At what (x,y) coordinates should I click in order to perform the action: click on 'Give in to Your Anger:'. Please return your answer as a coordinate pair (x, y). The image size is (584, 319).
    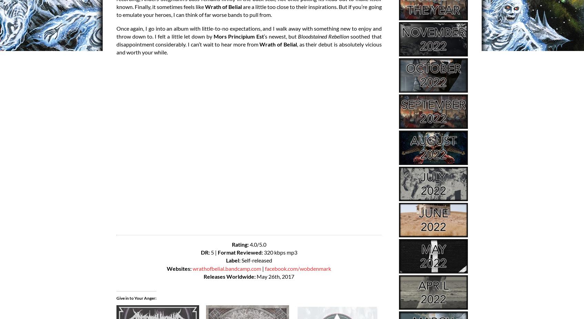
    Looking at the image, I should click on (136, 298).